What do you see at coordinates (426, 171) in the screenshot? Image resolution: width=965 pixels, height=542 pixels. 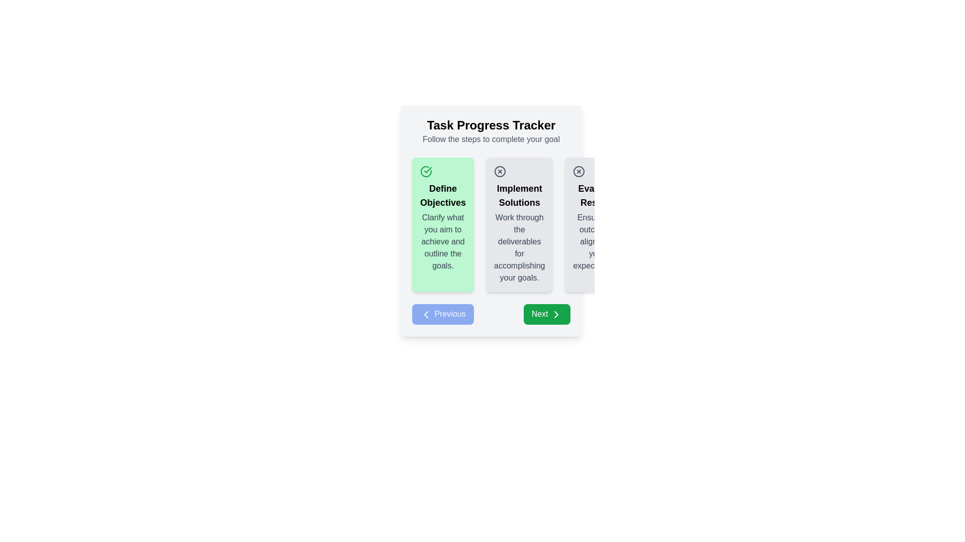 I see `the completion status icon located at the top-left corner of the 'Define Objectives' card, which indicates that the task is completed or in a good state` at bounding box center [426, 171].